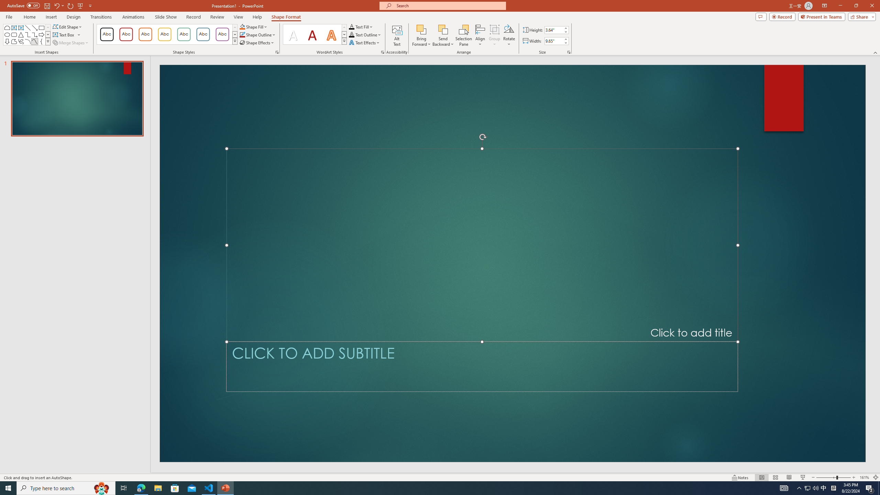 Image resolution: width=880 pixels, height=495 pixels. Describe the element at coordinates (51, 17) in the screenshot. I see `'Insert'` at that location.